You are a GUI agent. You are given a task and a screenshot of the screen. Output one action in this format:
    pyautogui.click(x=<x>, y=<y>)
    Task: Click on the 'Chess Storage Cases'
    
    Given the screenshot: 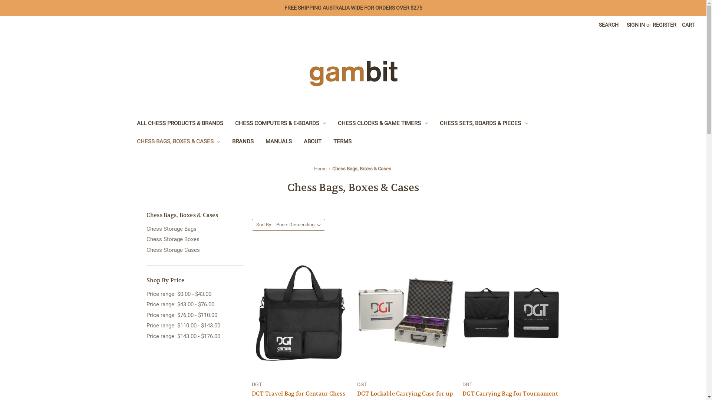 What is the action you would take?
    pyautogui.click(x=195, y=250)
    